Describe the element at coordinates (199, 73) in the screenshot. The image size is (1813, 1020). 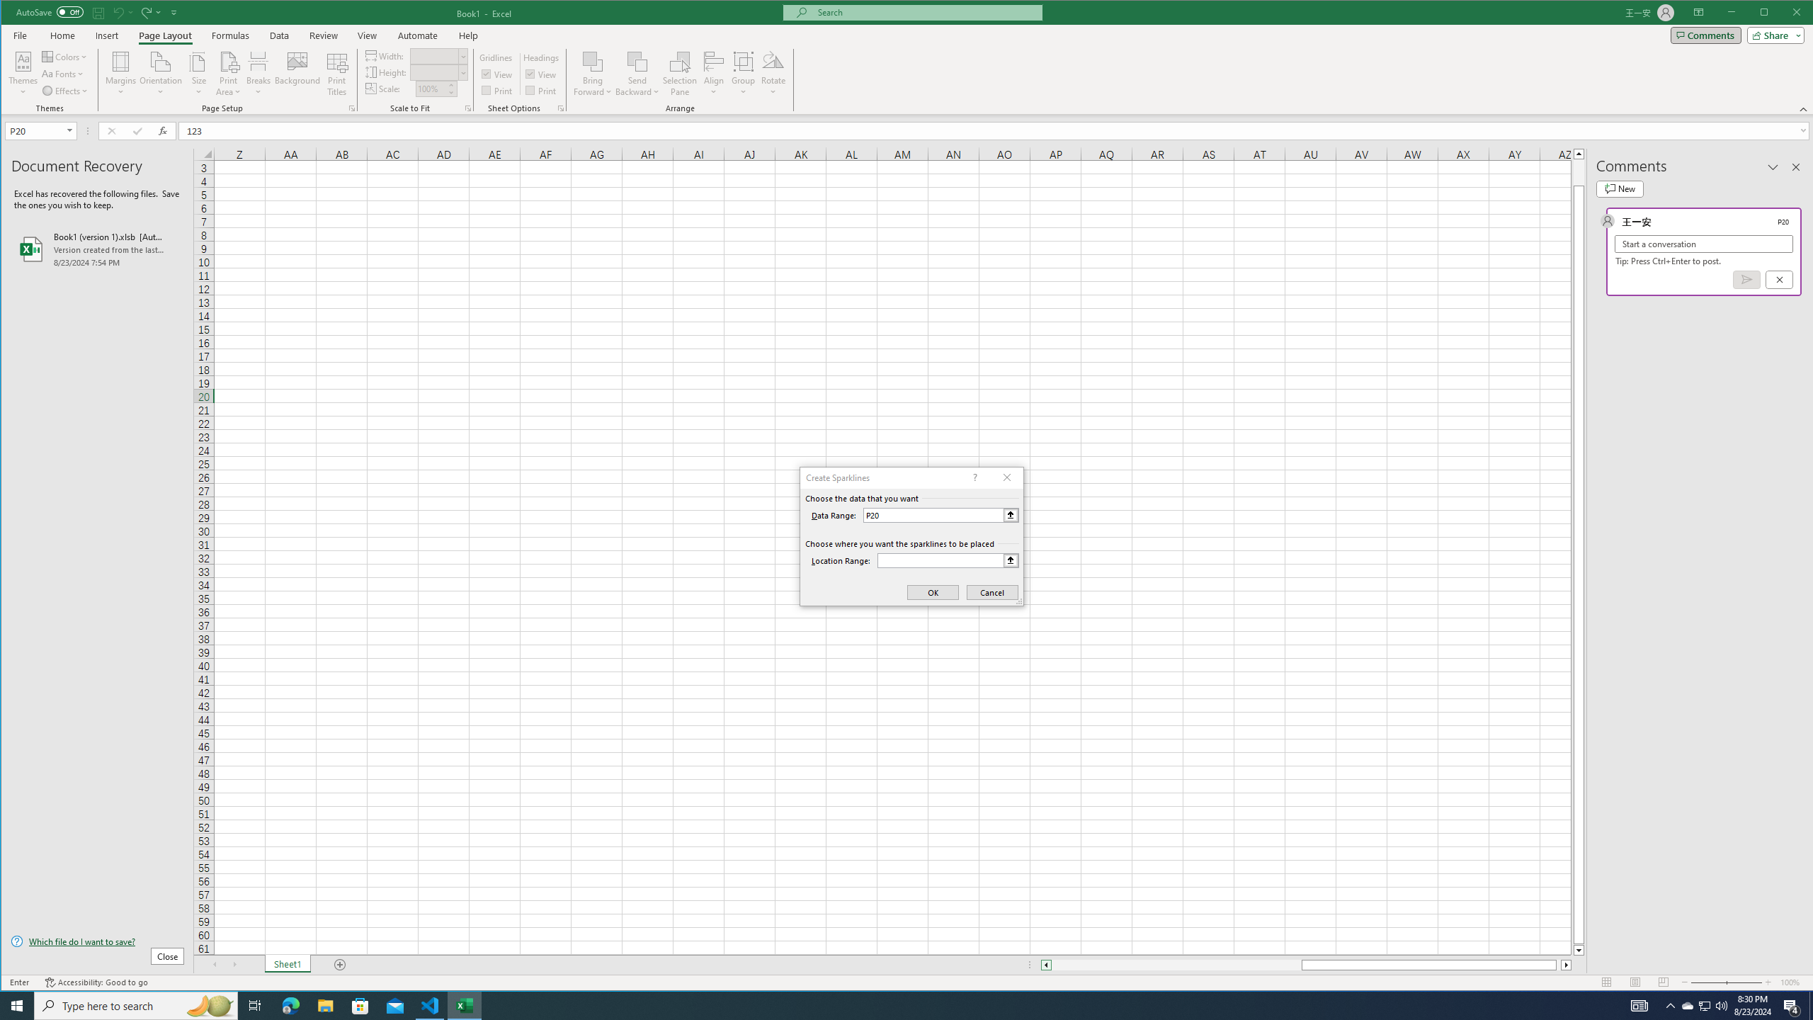
I see `'Size'` at that location.